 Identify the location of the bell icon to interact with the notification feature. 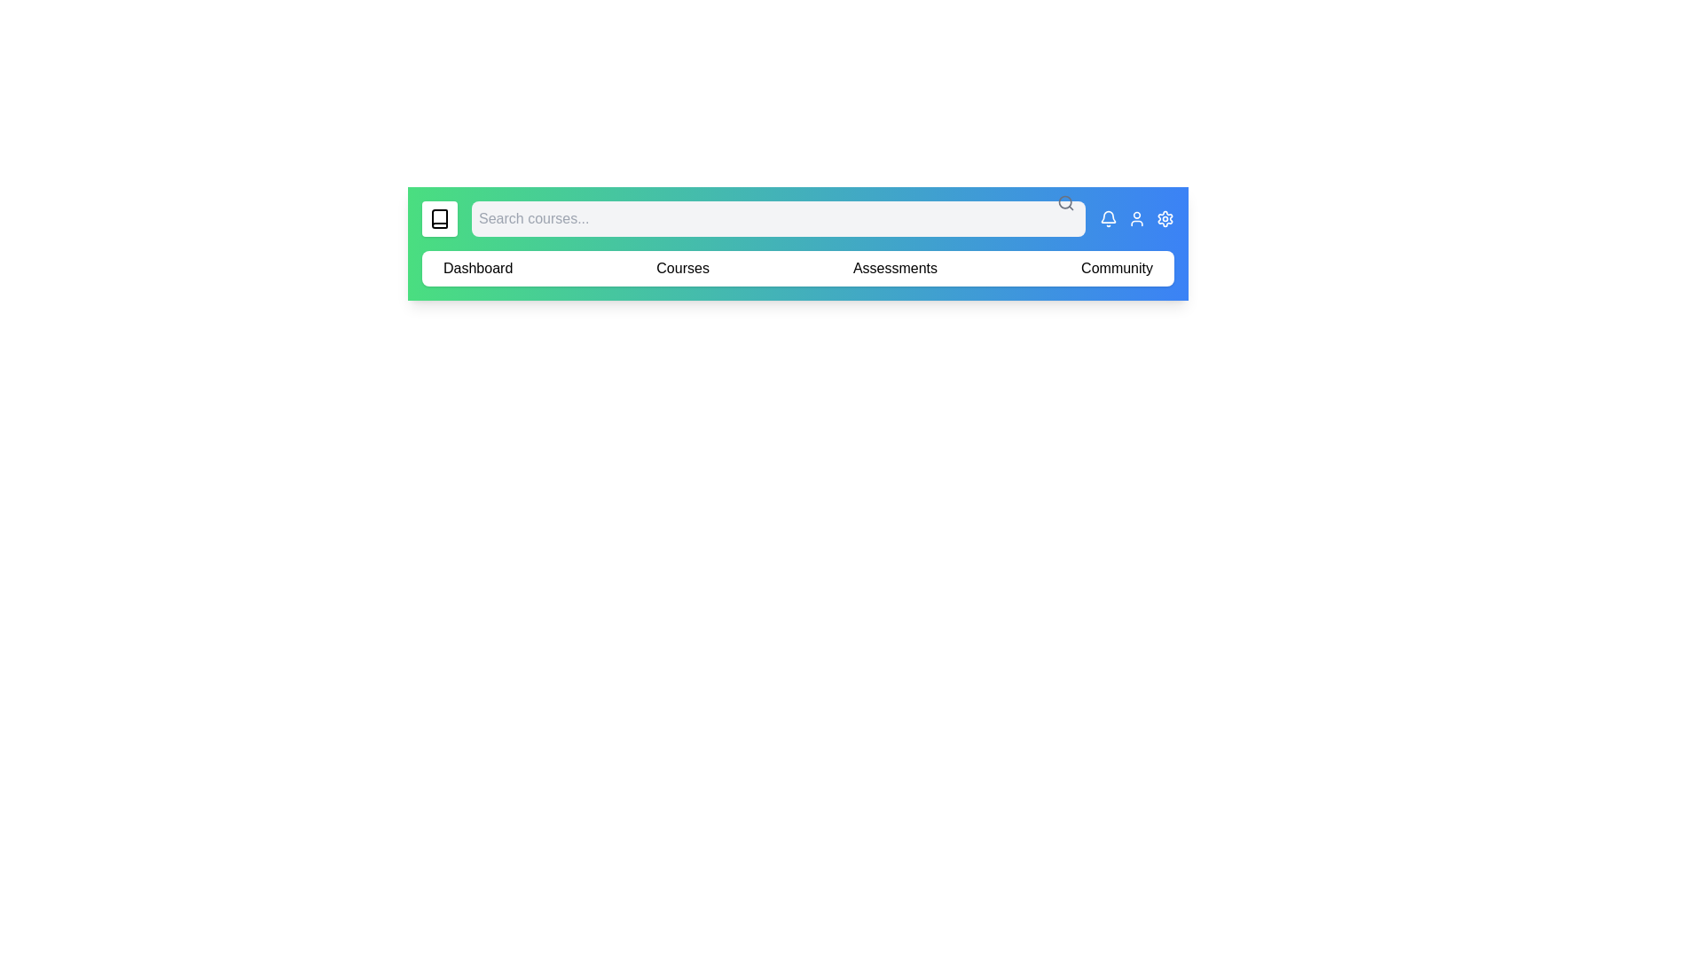
(1107, 217).